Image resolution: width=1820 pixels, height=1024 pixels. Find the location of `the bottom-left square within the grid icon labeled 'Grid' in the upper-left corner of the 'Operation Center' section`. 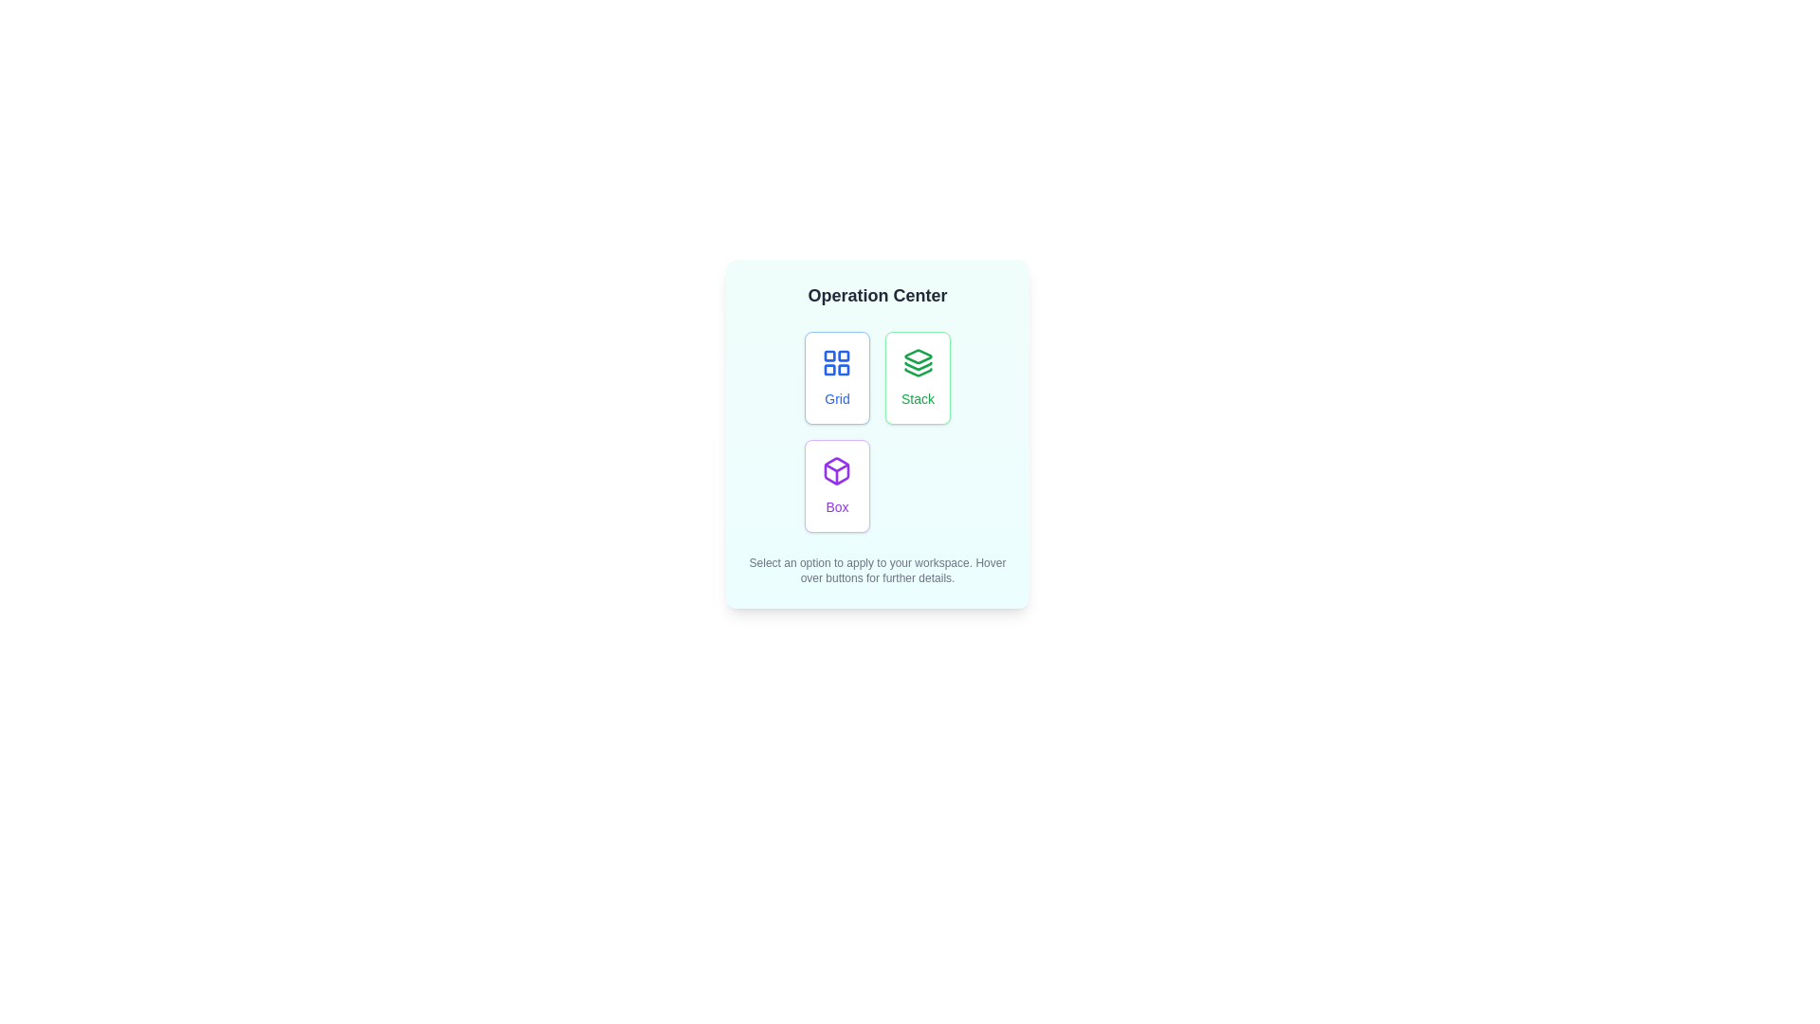

the bottom-left square within the grid icon labeled 'Grid' in the upper-left corner of the 'Operation Center' section is located at coordinates (830, 370).